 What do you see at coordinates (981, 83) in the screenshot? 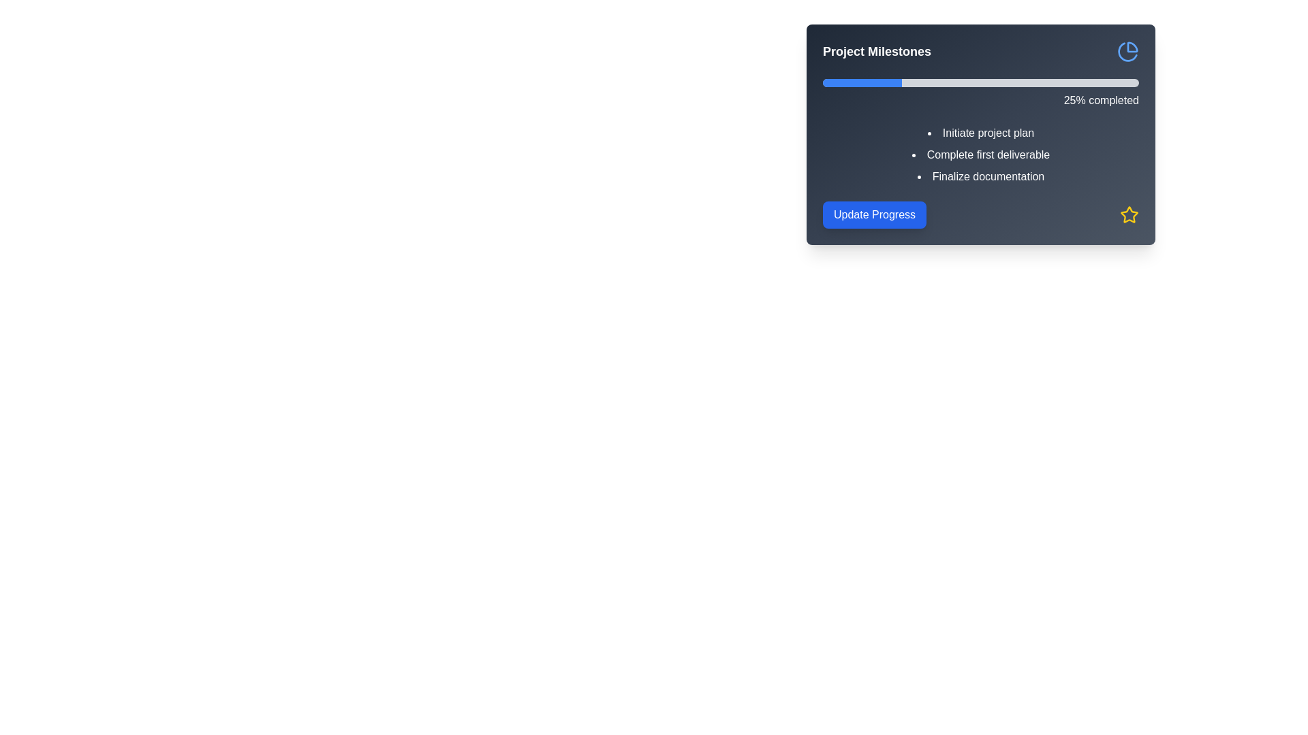
I see `the Progress Bar located near the top of the 'Project Milestones' box, which visually represents the completion status with a blue portion indicating progress made` at bounding box center [981, 83].